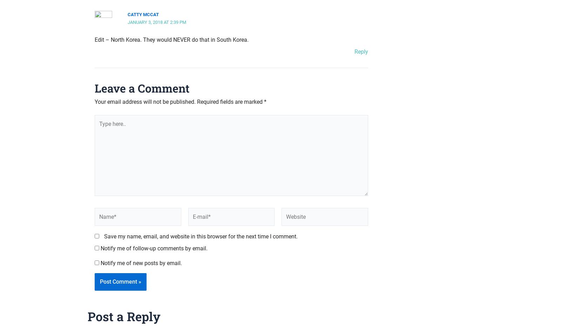  Describe the element at coordinates (171, 39) in the screenshot. I see `'Edit – North Korea. They would NEVER do that in South Korea.'` at that location.